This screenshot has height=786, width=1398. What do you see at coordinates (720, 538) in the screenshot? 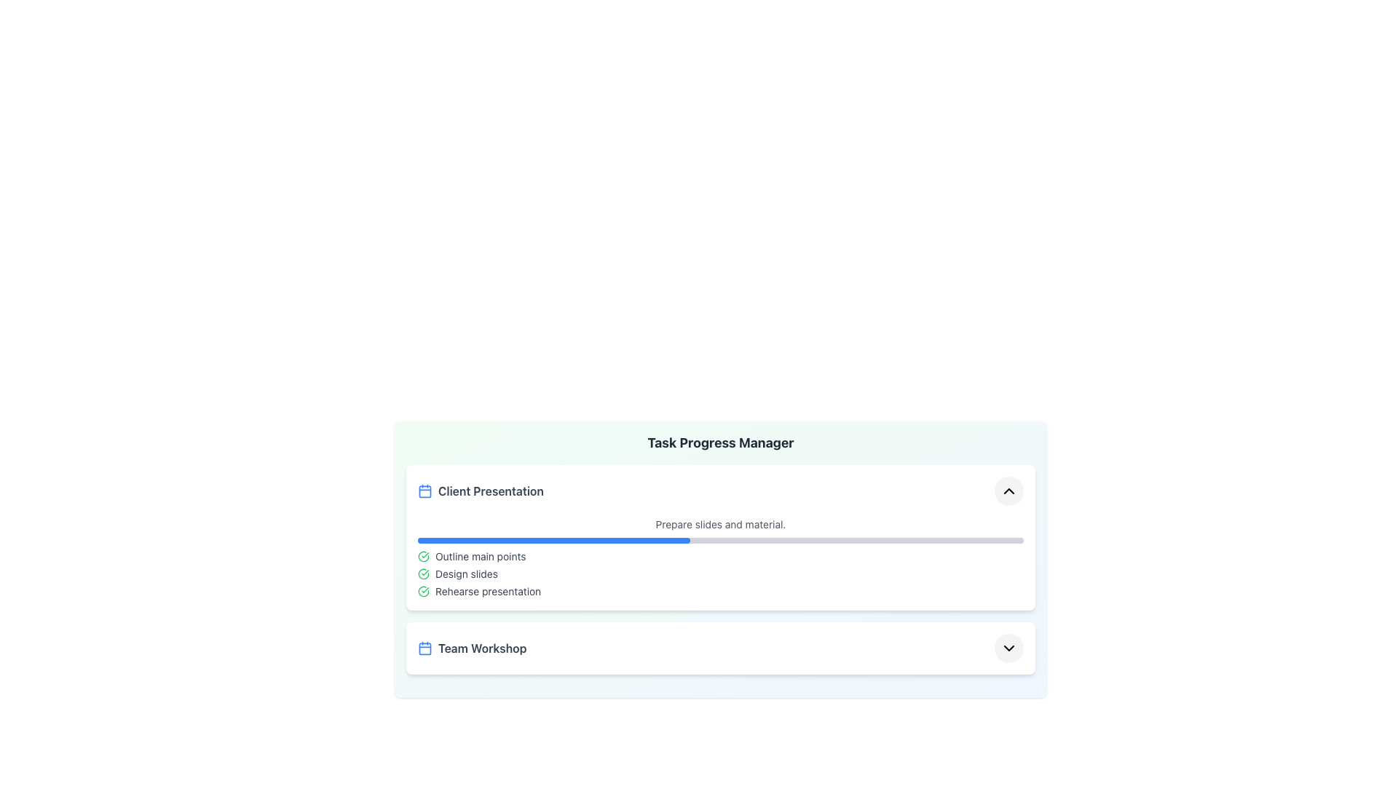
I see `the visible interactive subtasks in the task progress section located below the 'Task Progress Manager' title` at bounding box center [720, 538].